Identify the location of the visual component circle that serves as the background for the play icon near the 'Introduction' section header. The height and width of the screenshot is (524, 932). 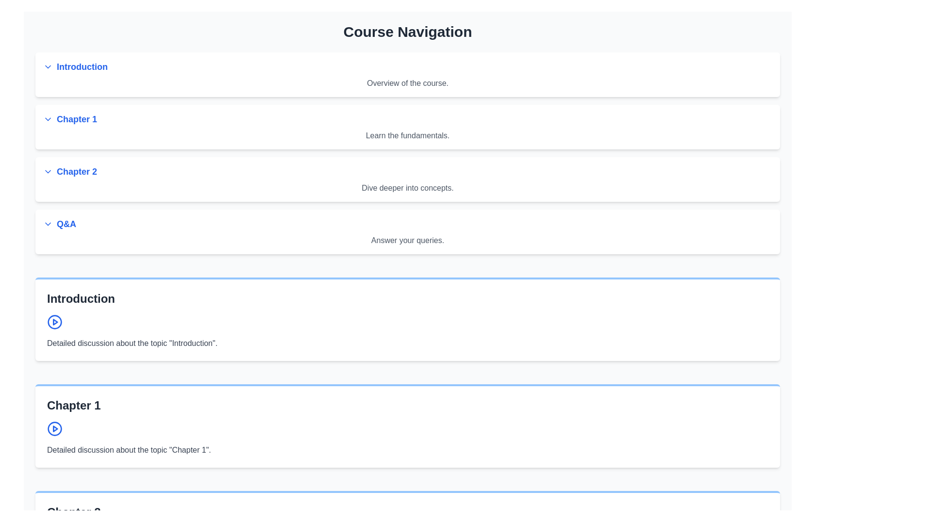
(54, 322).